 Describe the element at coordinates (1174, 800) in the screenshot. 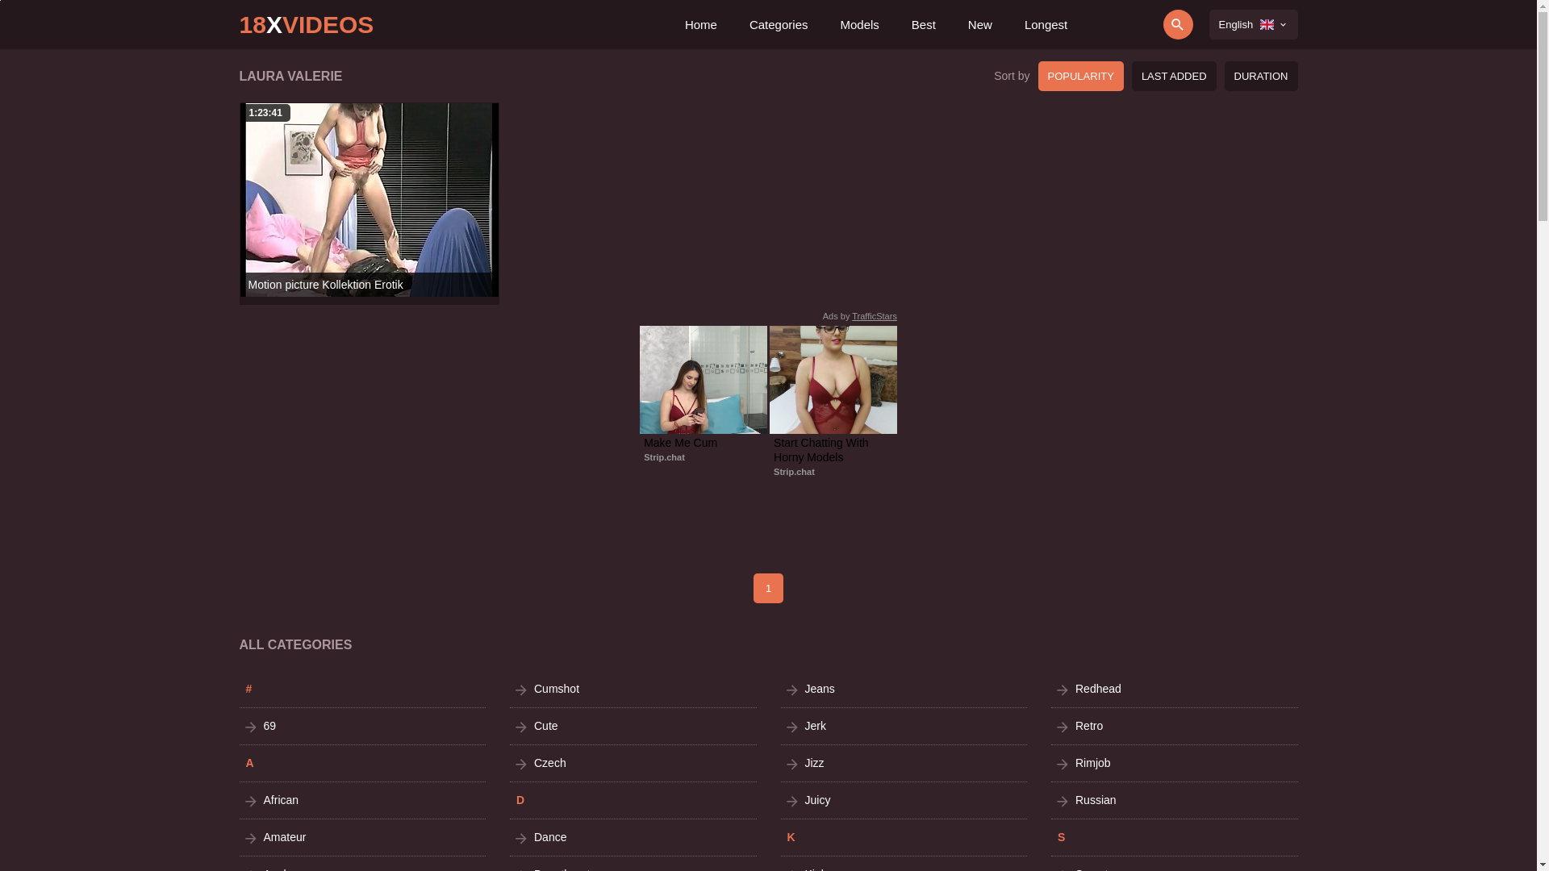

I see `'Russian'` at that location.